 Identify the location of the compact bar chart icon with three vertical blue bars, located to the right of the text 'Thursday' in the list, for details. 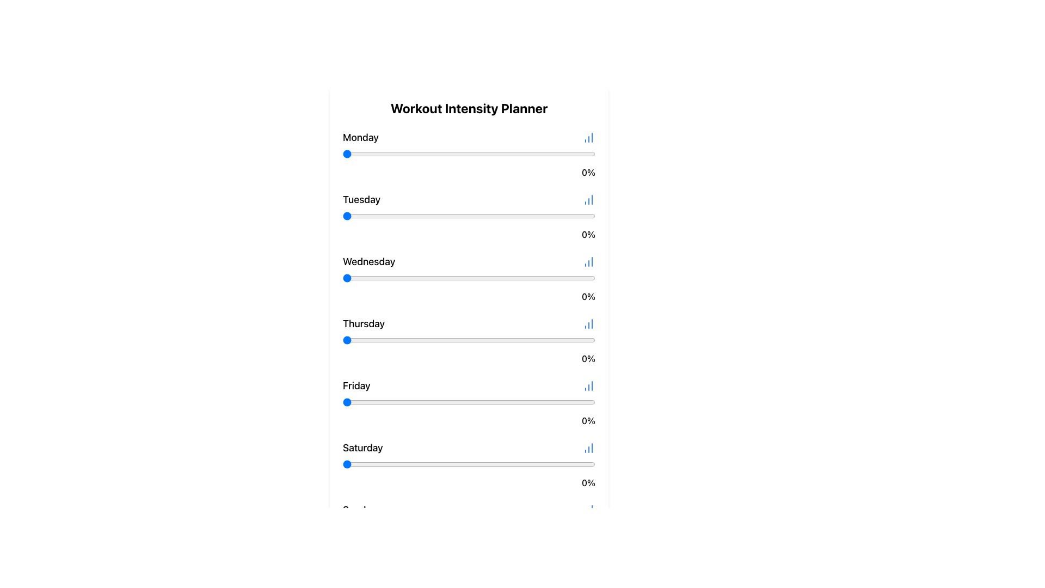
(588, 323).